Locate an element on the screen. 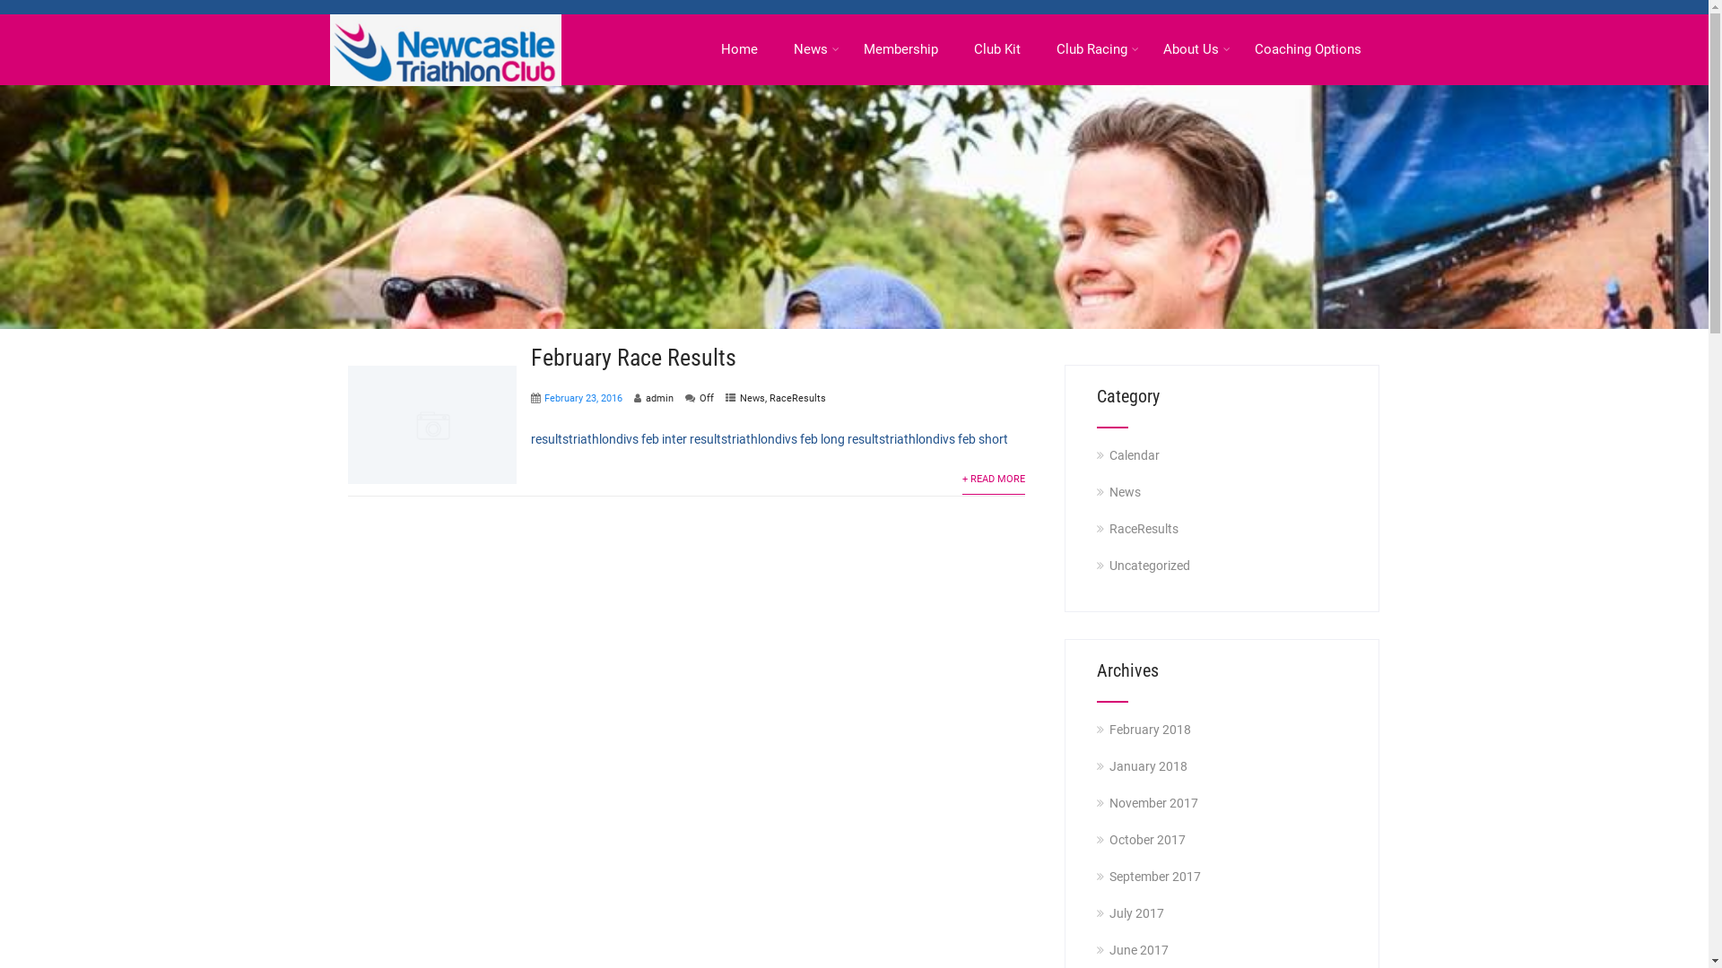 This screenshot has width=1722, height=968. 'June 2017' is located at coordinates (1109, 949).